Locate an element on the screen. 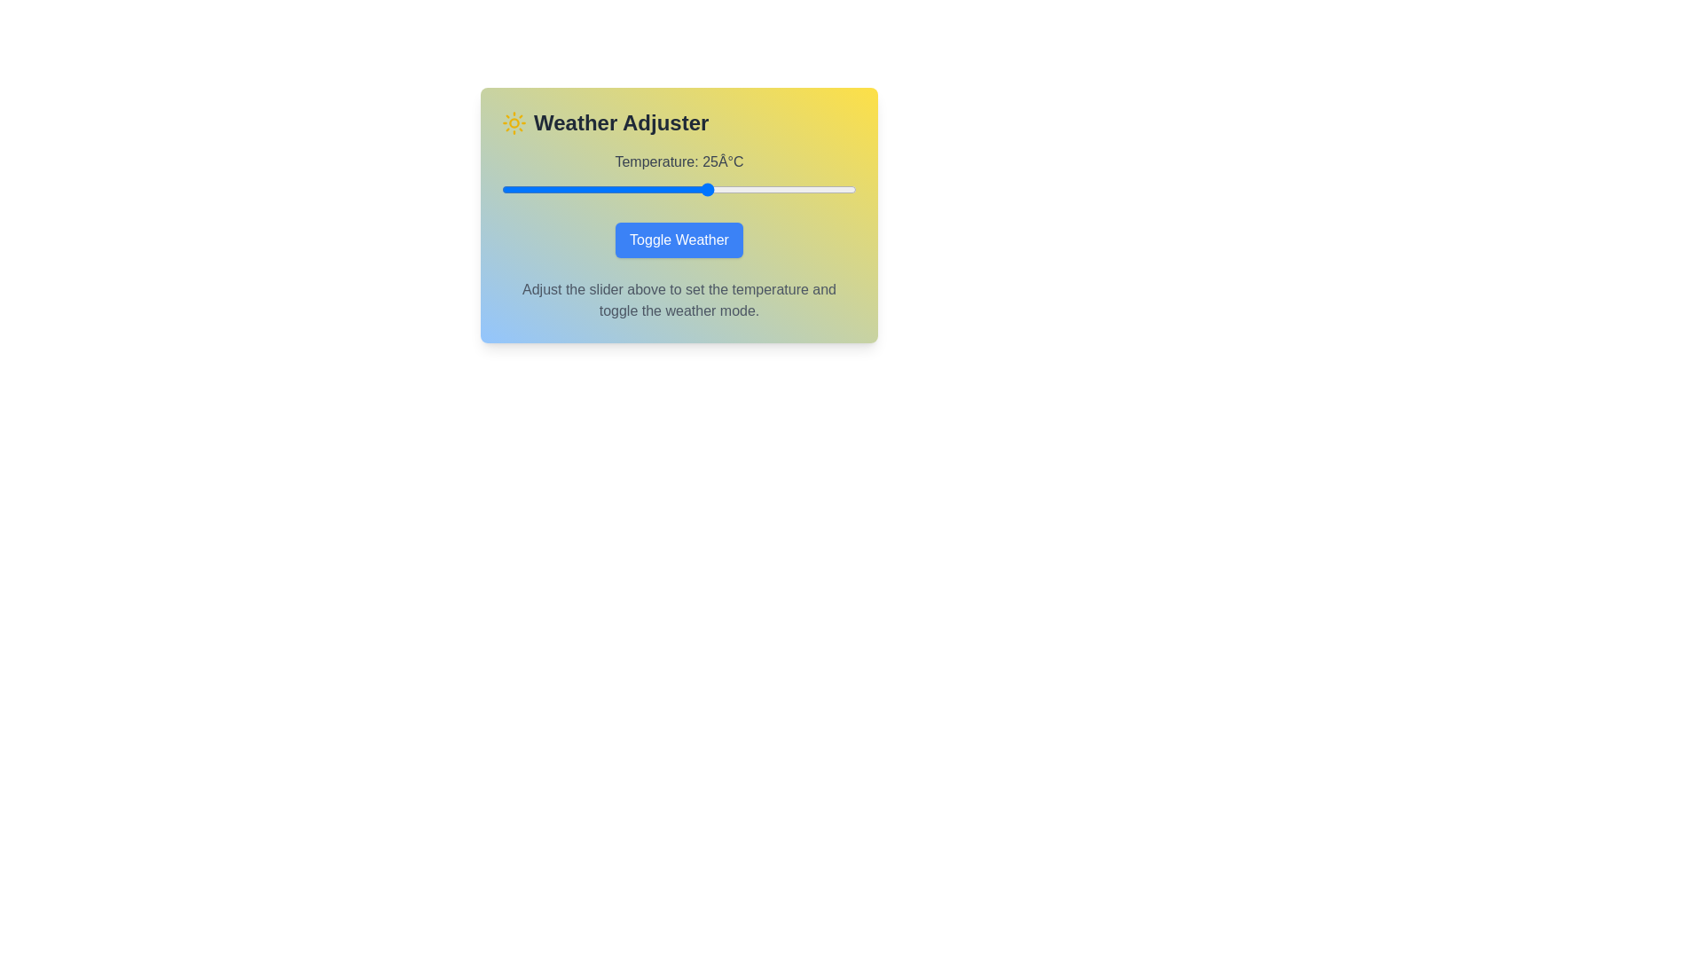 This screenshot has width=1703, height=958. the weather icon to toggle its state is located at coordinates (514, 122).